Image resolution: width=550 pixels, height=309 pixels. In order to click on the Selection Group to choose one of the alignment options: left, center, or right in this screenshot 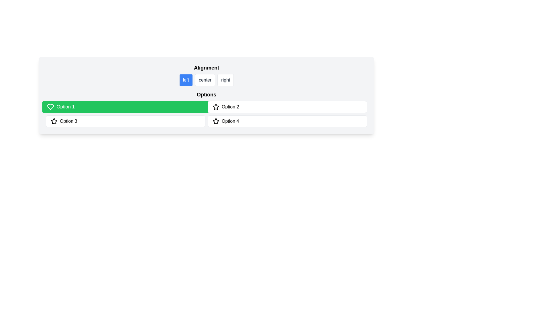, I will do `click(206, 75)`.